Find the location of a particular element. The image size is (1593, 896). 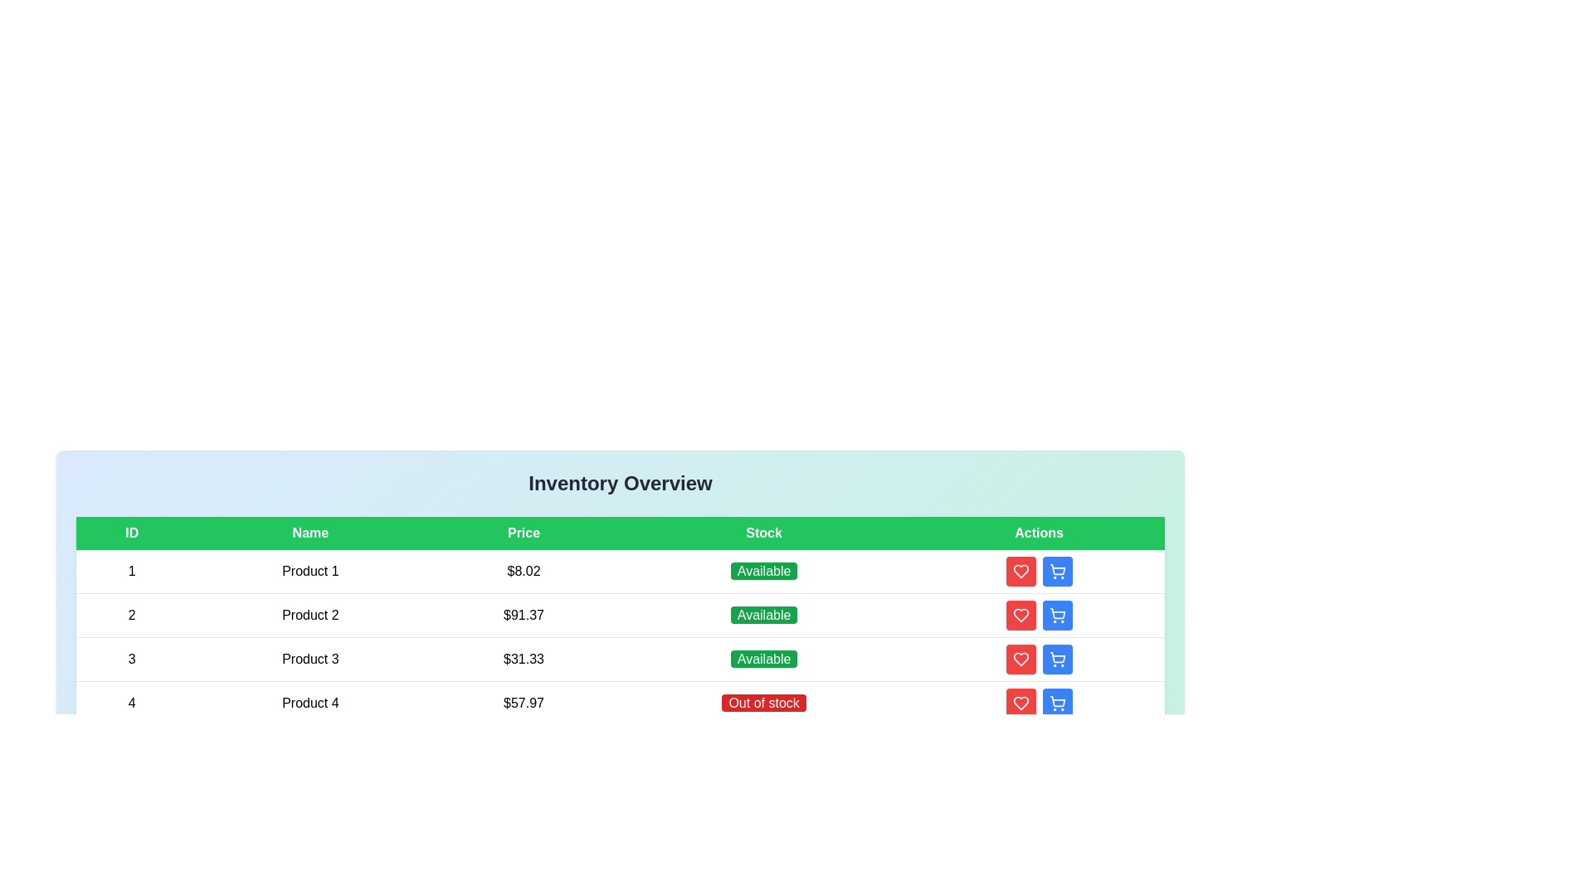

'Add to Cart' button for the product with ID 1 is located at coordinates (1055, 571).